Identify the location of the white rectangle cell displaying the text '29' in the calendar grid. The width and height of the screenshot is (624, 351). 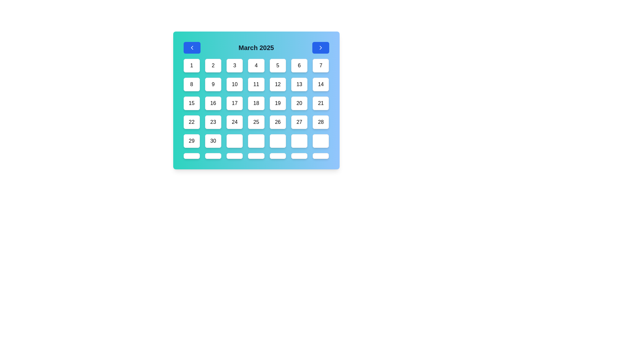
(191, 141).